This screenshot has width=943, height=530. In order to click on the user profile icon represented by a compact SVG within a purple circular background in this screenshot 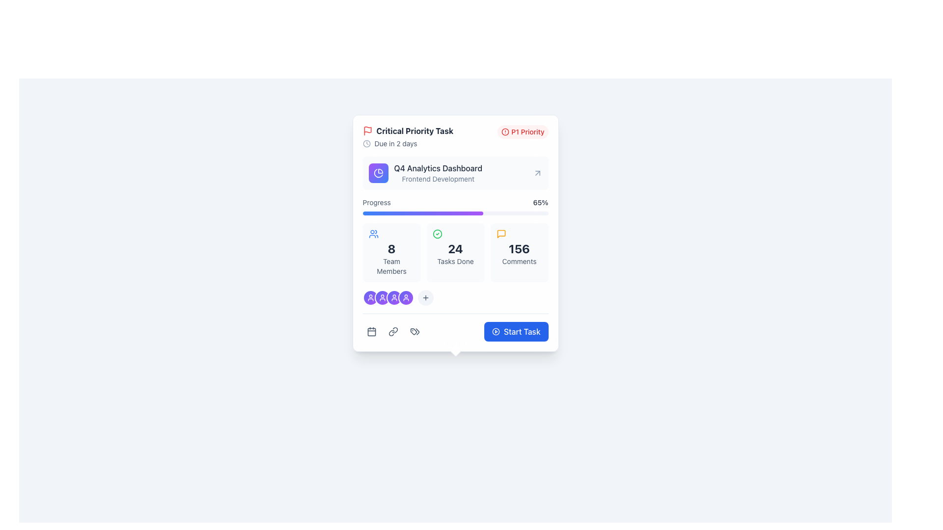, I will do `click(382, 297)`.